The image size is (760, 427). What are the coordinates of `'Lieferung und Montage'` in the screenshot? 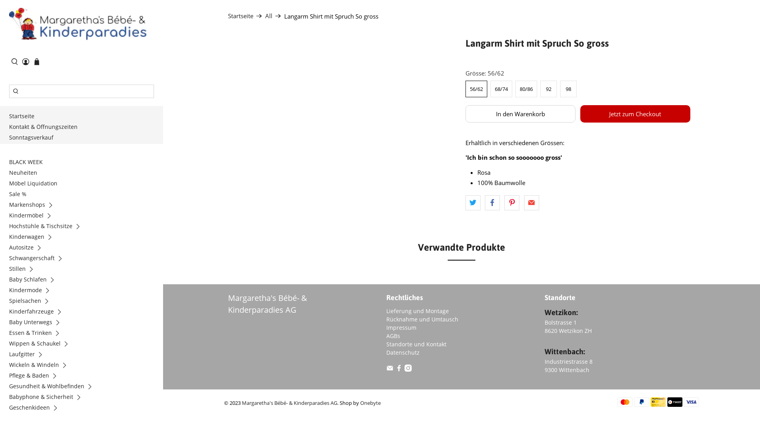 It's located at (386, 310).